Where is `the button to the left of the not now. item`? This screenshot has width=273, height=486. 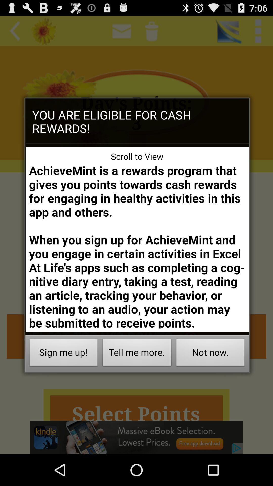
the button to the left of the not now. item is located at coordinates (137, 353).